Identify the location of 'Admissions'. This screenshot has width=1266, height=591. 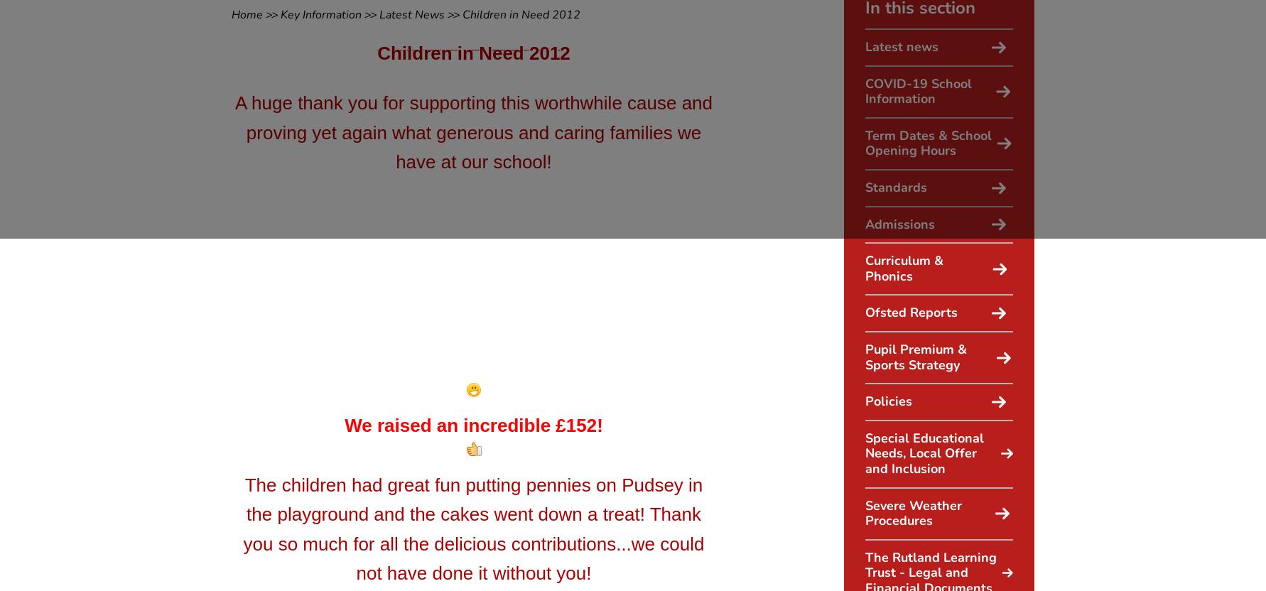
(900, 223).